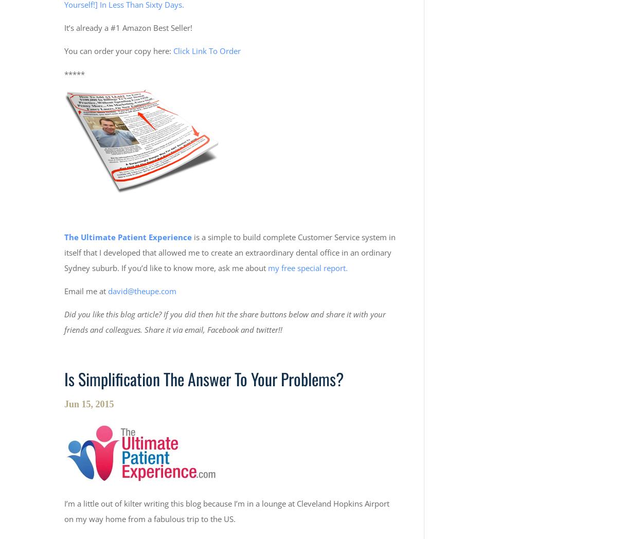 The image size is (643, 539). Describe the element at coordinates (118, 50) in the screenshot. I see `'You can order your copy here:'` at that location.